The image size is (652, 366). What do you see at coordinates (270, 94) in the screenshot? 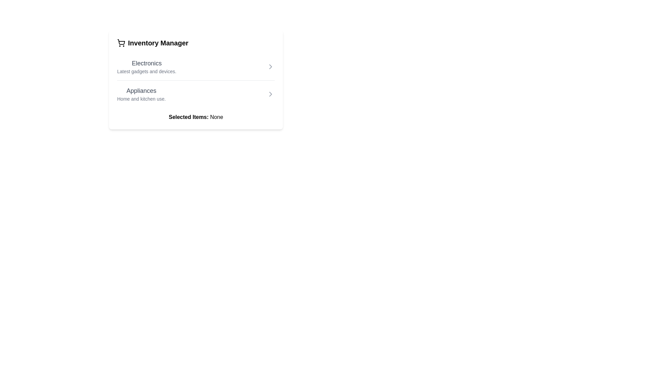
I see `the Chevron icon indicating the 'Appliances' category located at the far right of the second row` at bounding box center [270, 94].